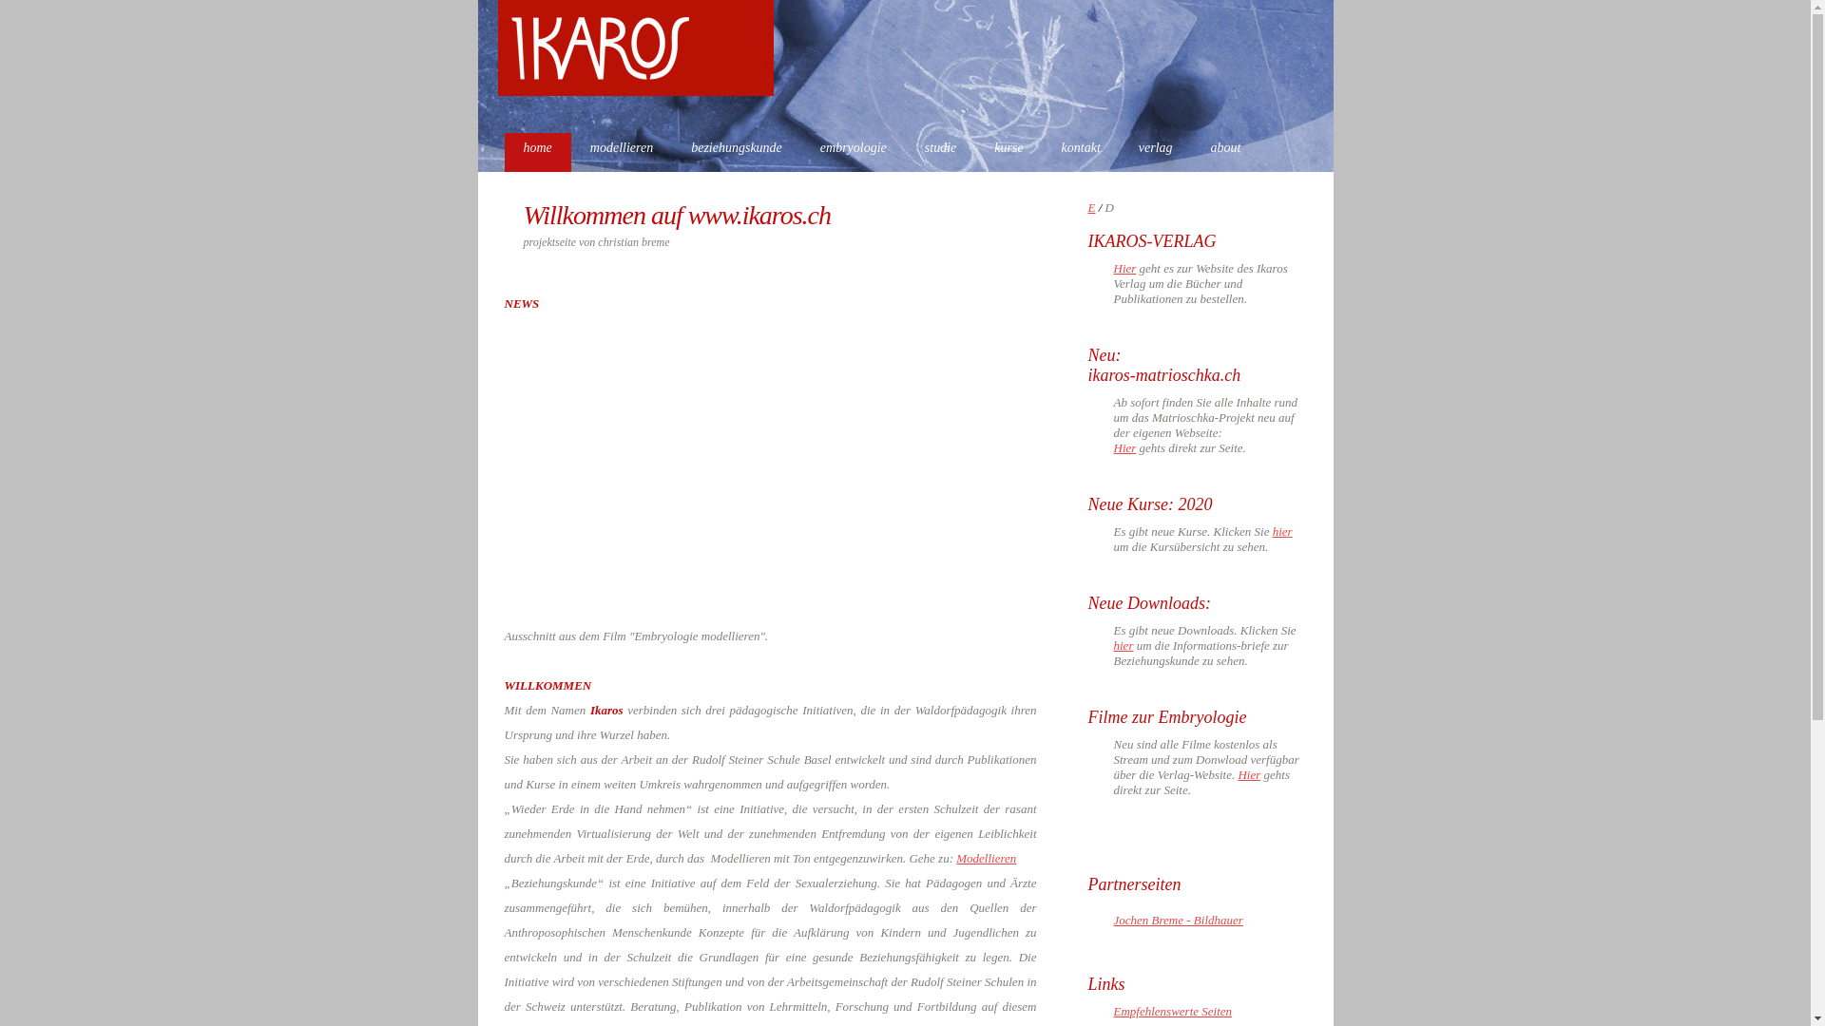  Describe the element at coordinates (1154, 151) in the screenshot. I see `'verlag'` at that location.